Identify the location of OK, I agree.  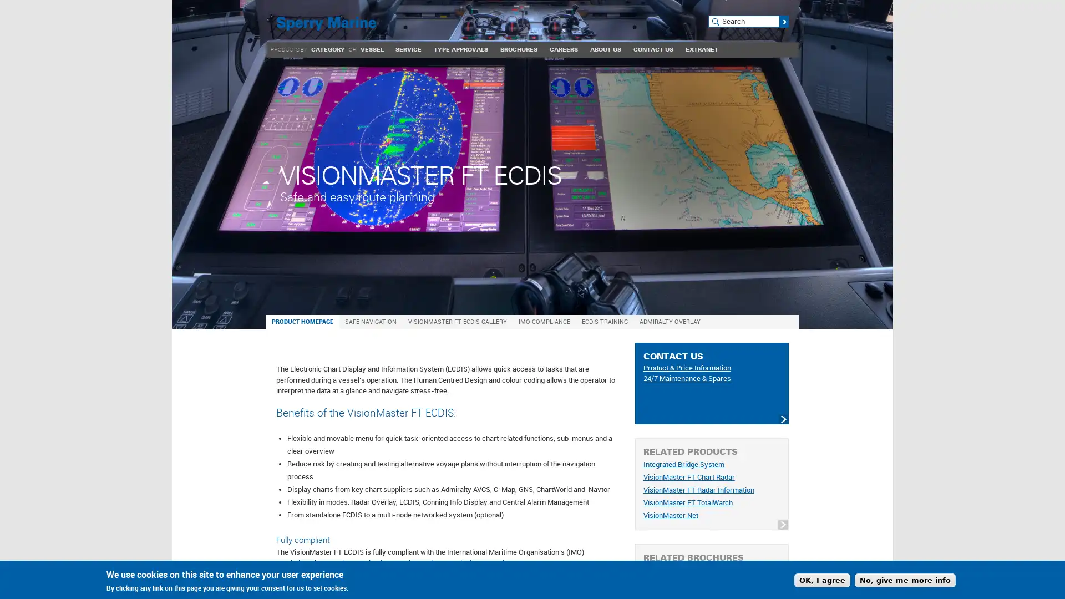
(822, 580).